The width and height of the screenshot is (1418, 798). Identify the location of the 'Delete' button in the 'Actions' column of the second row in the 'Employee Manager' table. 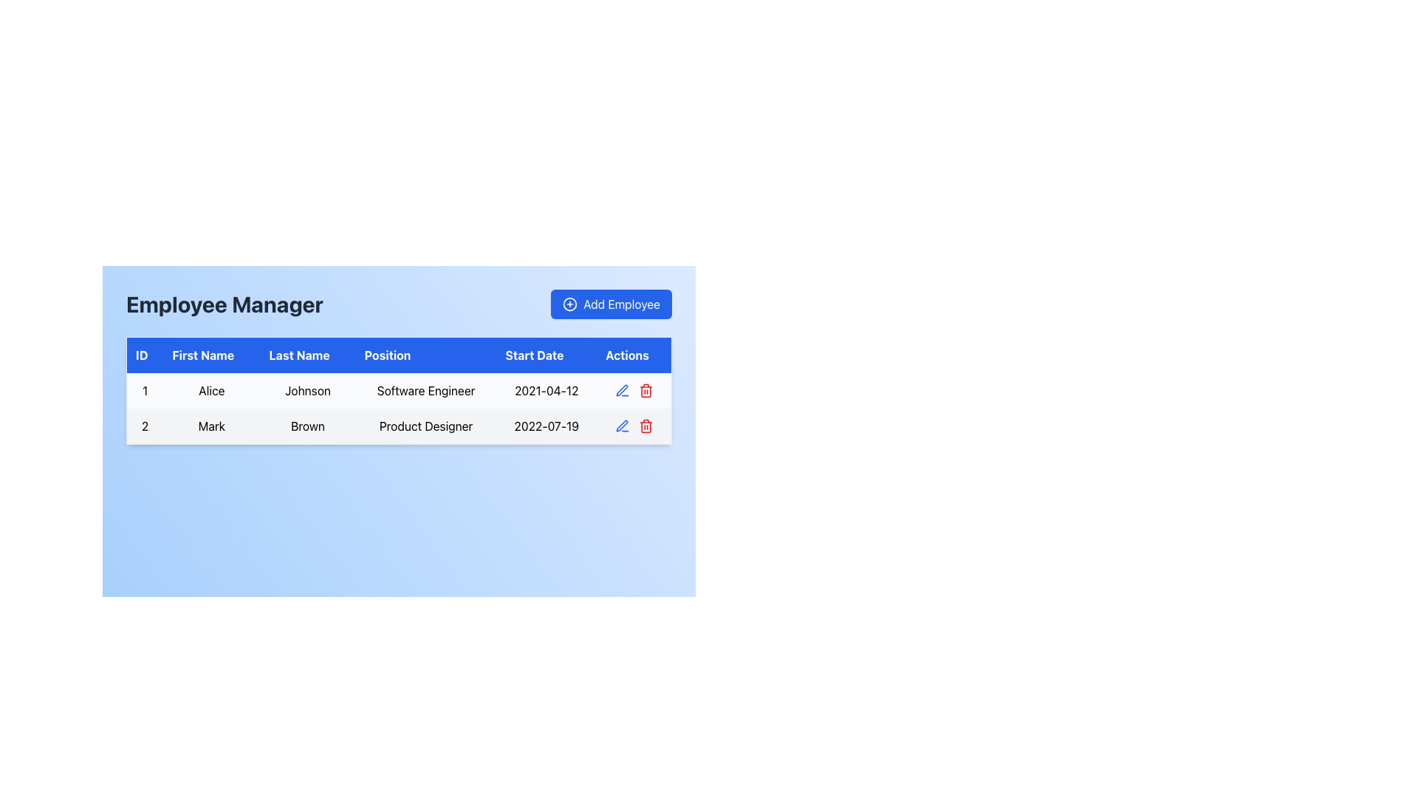
(645, 426).